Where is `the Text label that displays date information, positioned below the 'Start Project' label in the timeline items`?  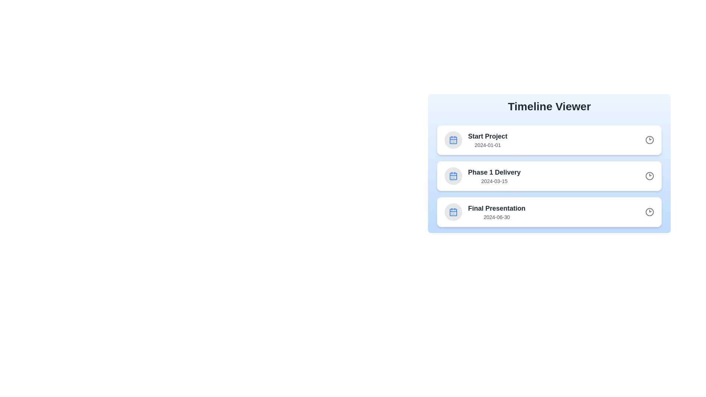 the Text label that displays date information, positioned below the 'Start Project' label in the timeline items is located at coordinates (488, 145).